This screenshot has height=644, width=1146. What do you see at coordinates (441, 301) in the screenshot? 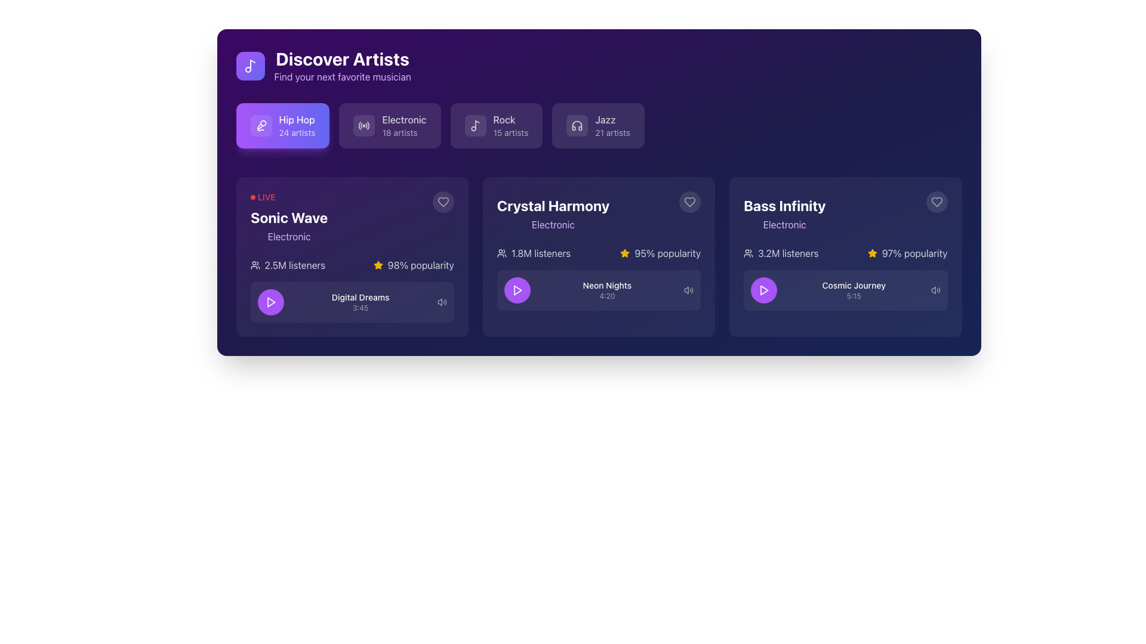
I see `the volume icon located at the far-right end of the 'Digital Dreams 3:45' row` at bounding box center [441, 301].